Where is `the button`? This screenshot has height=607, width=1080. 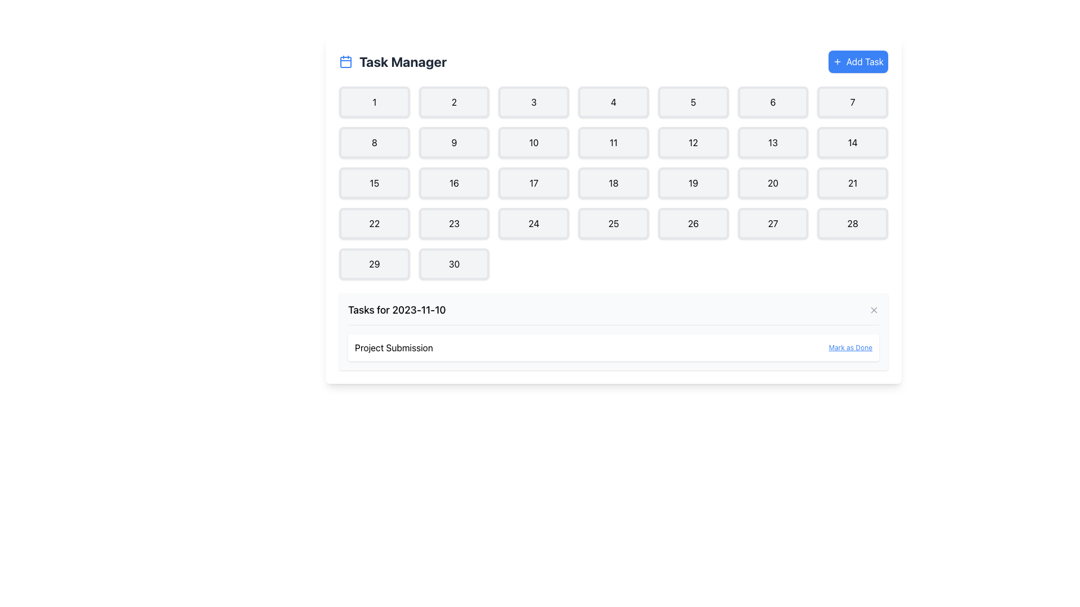 the button is located at coordinates (374, 142).